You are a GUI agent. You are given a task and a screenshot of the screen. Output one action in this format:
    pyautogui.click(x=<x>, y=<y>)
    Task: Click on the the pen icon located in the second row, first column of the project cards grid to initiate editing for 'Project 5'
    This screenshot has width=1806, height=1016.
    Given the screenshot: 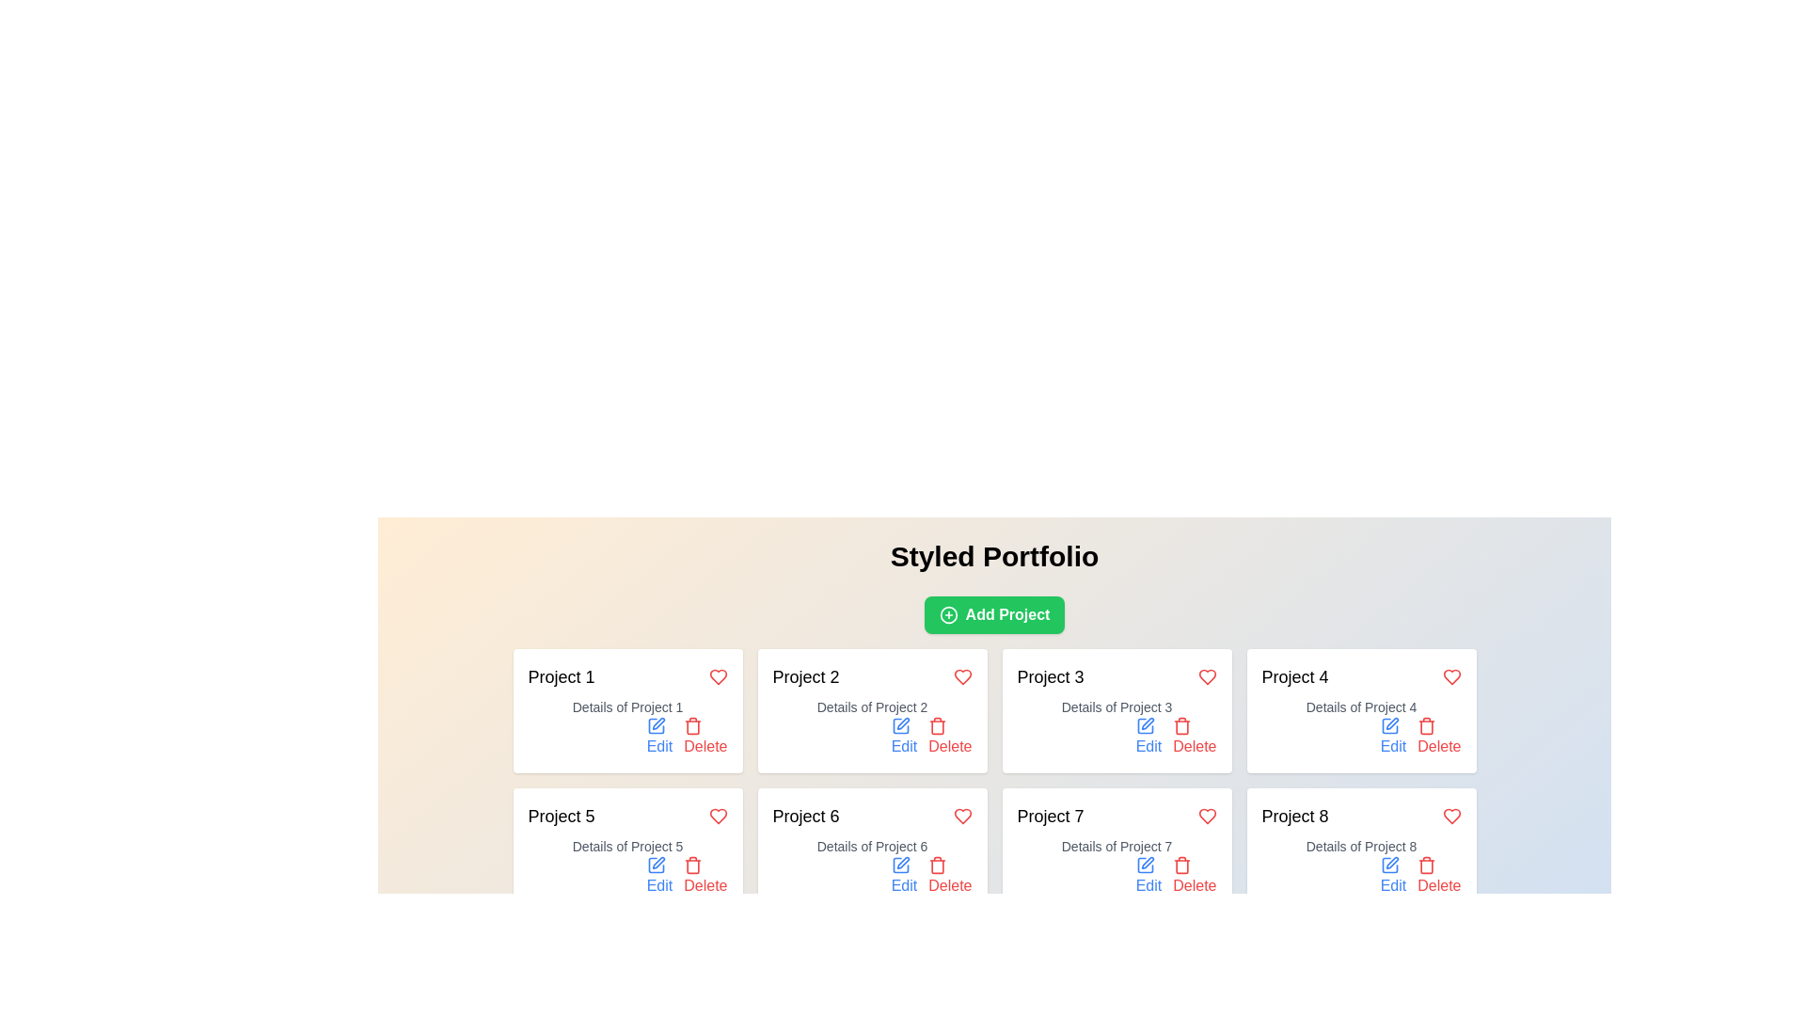 What is the action you would take?
    pyautogui.click(x=656, y=865)
    